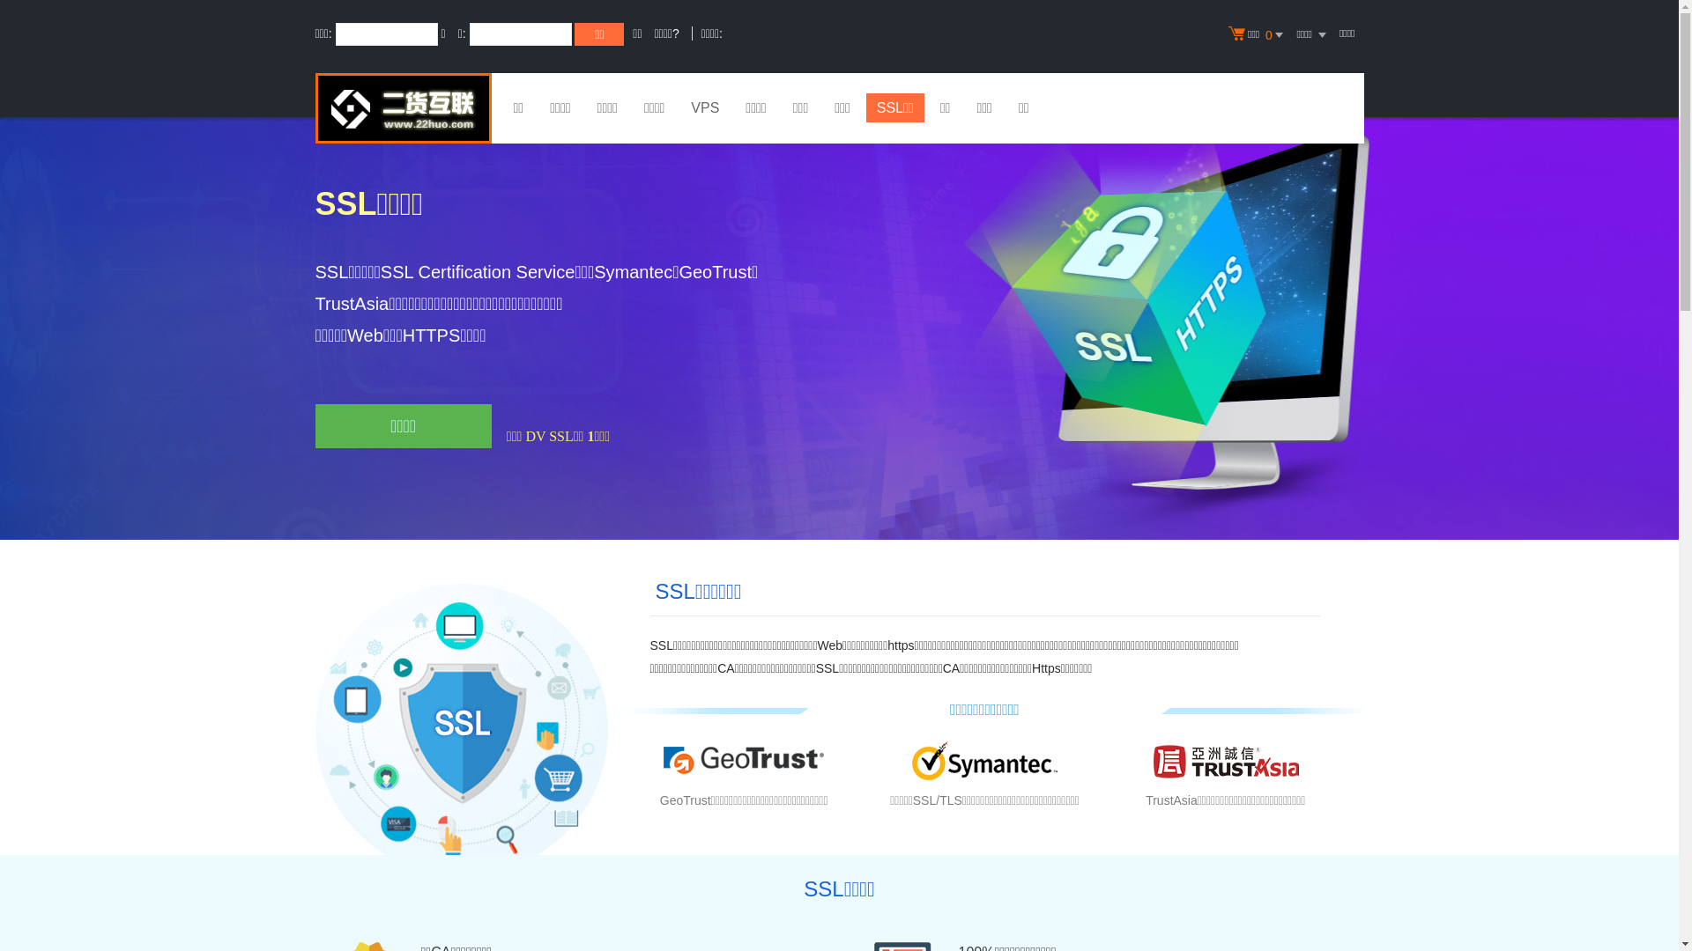  What do you see at coordinates (705, 109) in the screenshot?
I see `'VPS'` at bounding box center [705, 109].